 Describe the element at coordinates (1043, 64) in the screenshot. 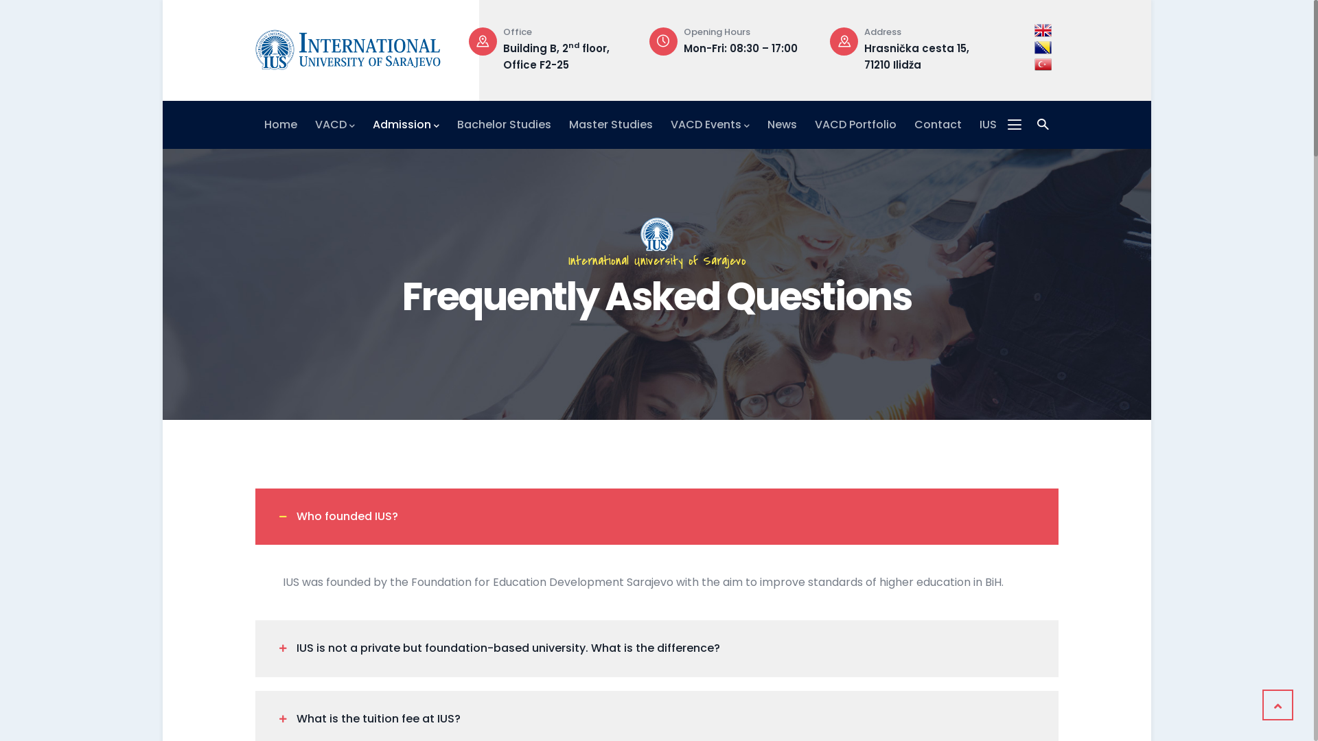

I see `'Turkish'` at that location.